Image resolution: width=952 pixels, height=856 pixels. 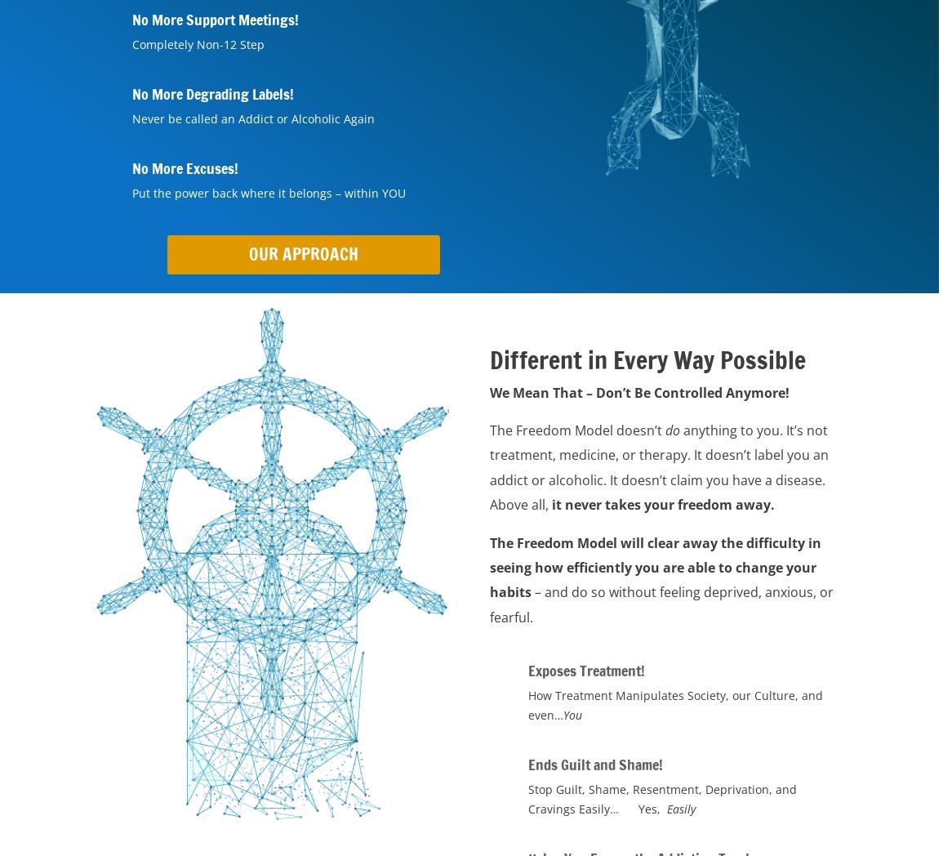 What do you see at coordinates (572, 714) in the screenshot?
I see `'You'` at bounding box center [572, 714].